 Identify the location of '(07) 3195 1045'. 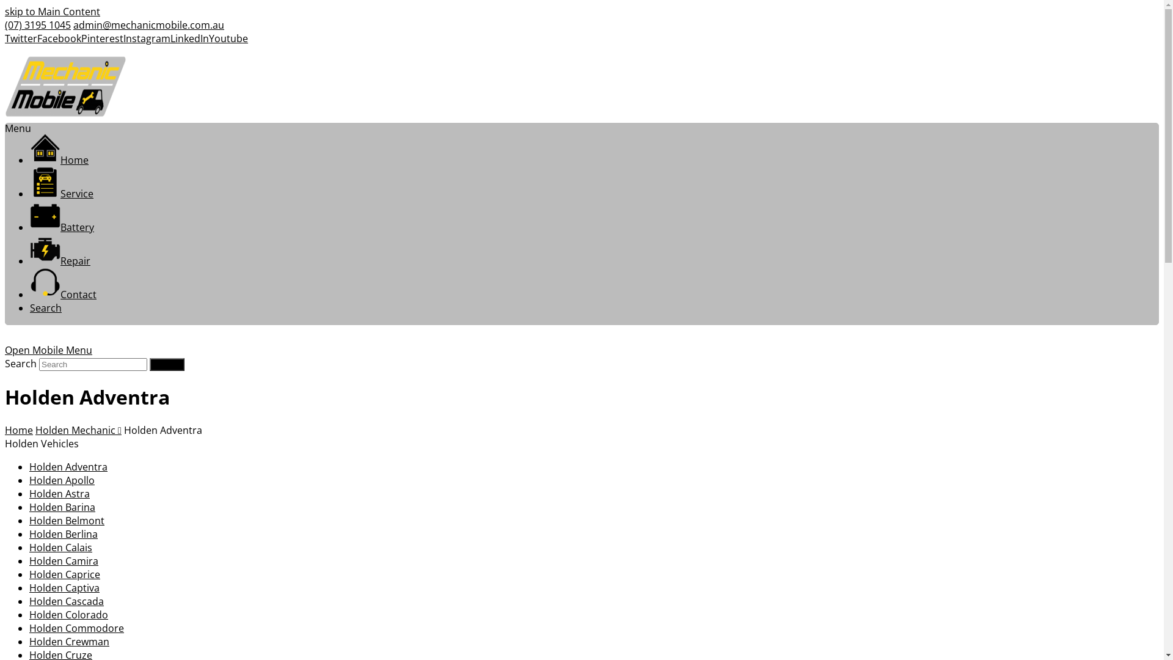
(38, 25).